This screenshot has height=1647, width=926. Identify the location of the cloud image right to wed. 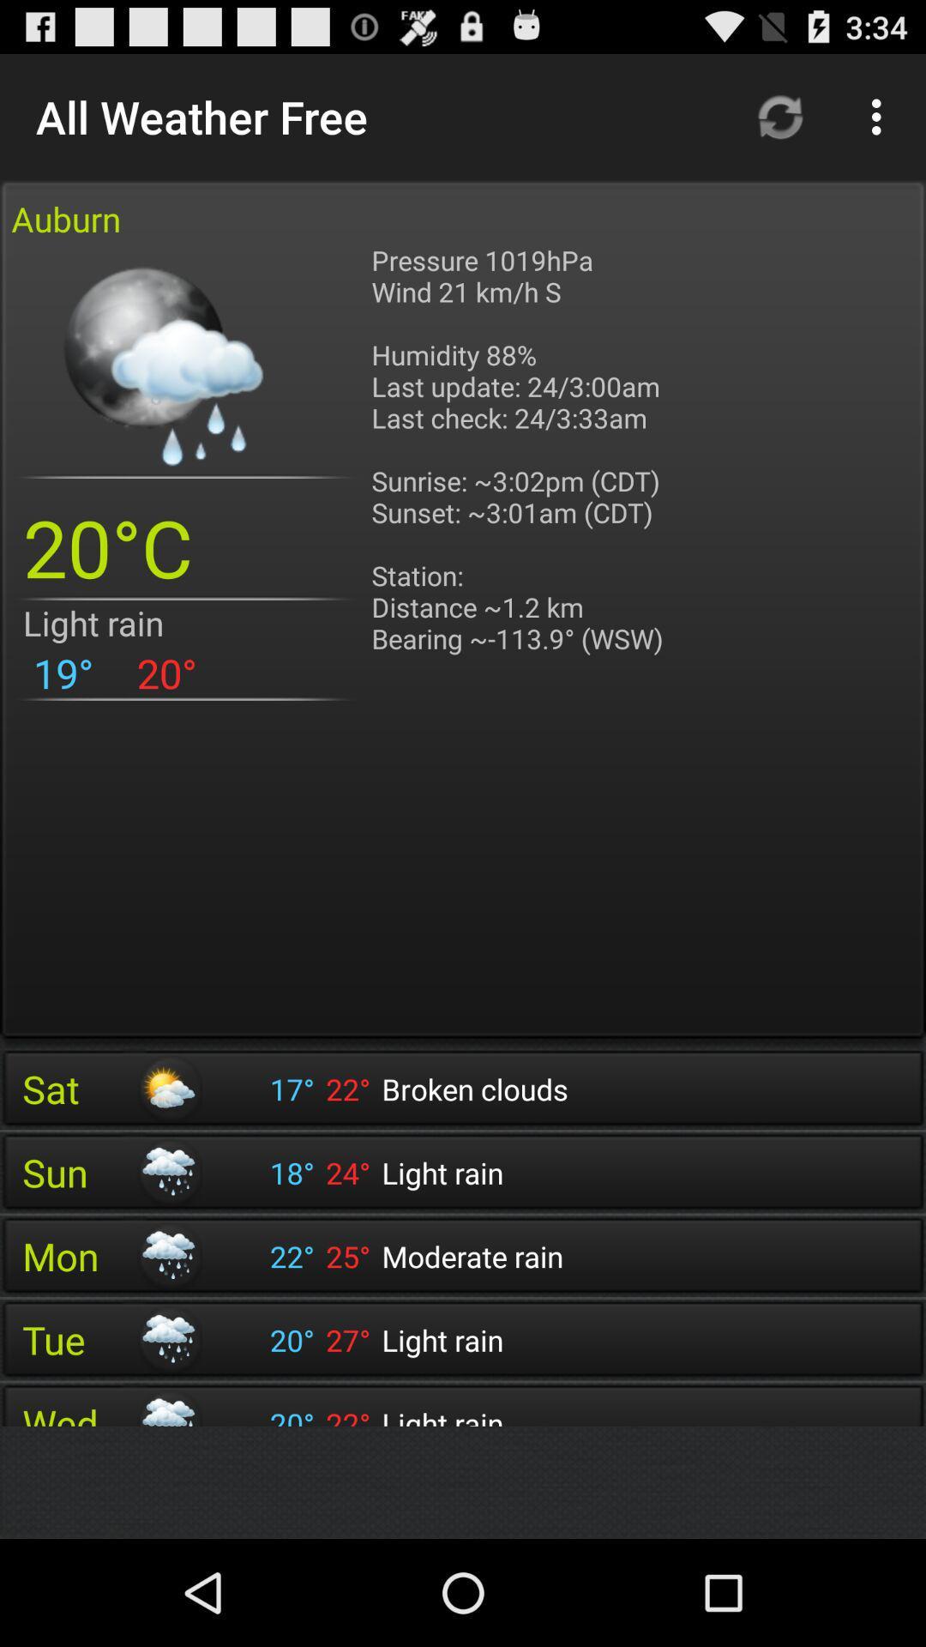
(168, 1408).